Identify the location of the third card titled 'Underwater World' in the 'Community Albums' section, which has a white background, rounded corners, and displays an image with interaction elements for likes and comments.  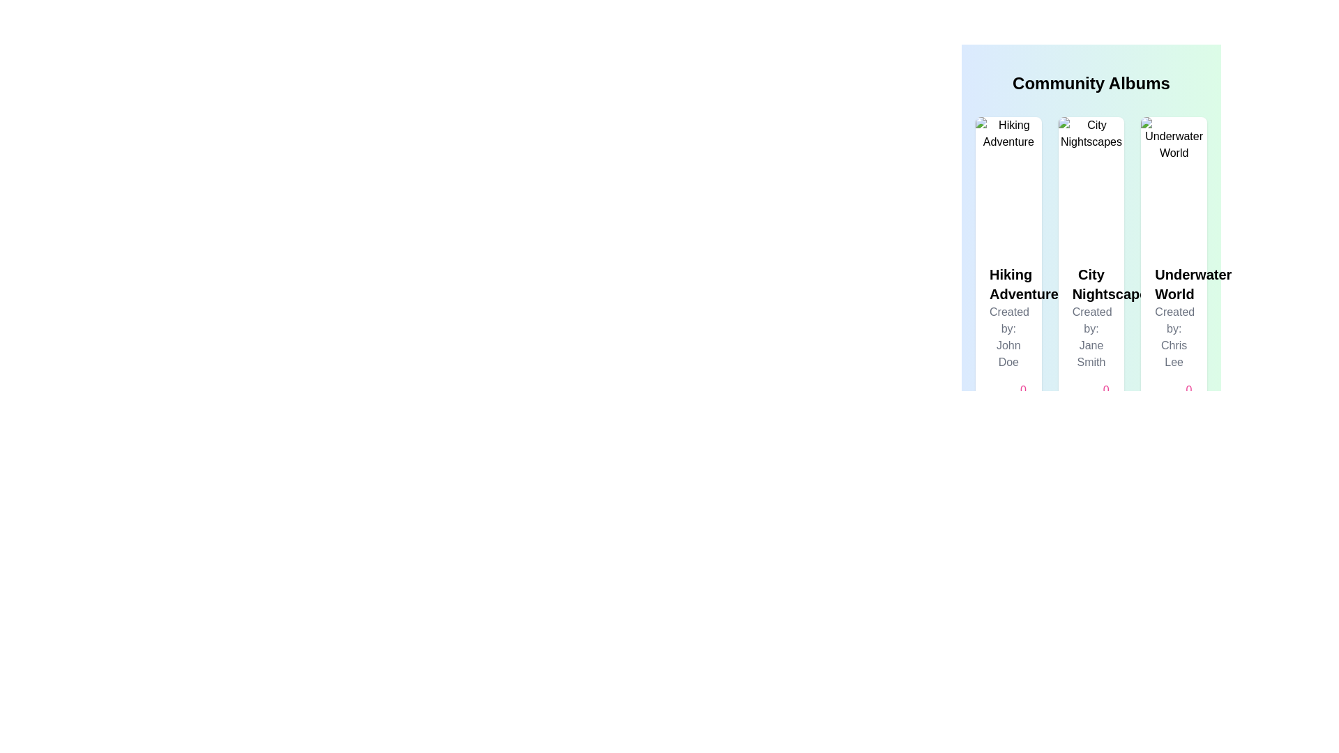
(1173, 273).